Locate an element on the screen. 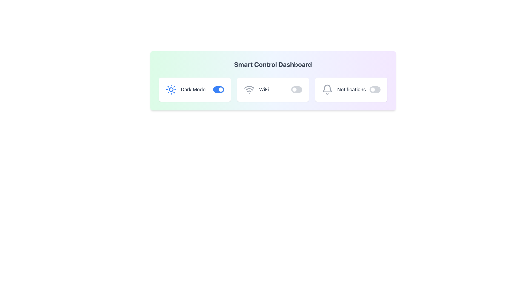 The height and width of the screenshot is (296, 526). the toggle switch located within the 'Smart Control Dashboard' panel component is located at coordinates (273, 81).